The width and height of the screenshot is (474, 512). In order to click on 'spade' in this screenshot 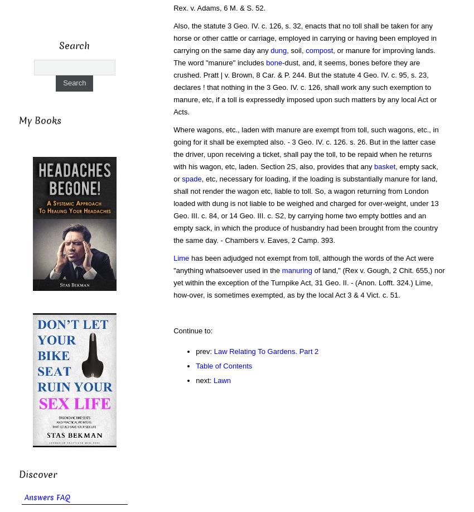, I will do `click(191, 179)`.